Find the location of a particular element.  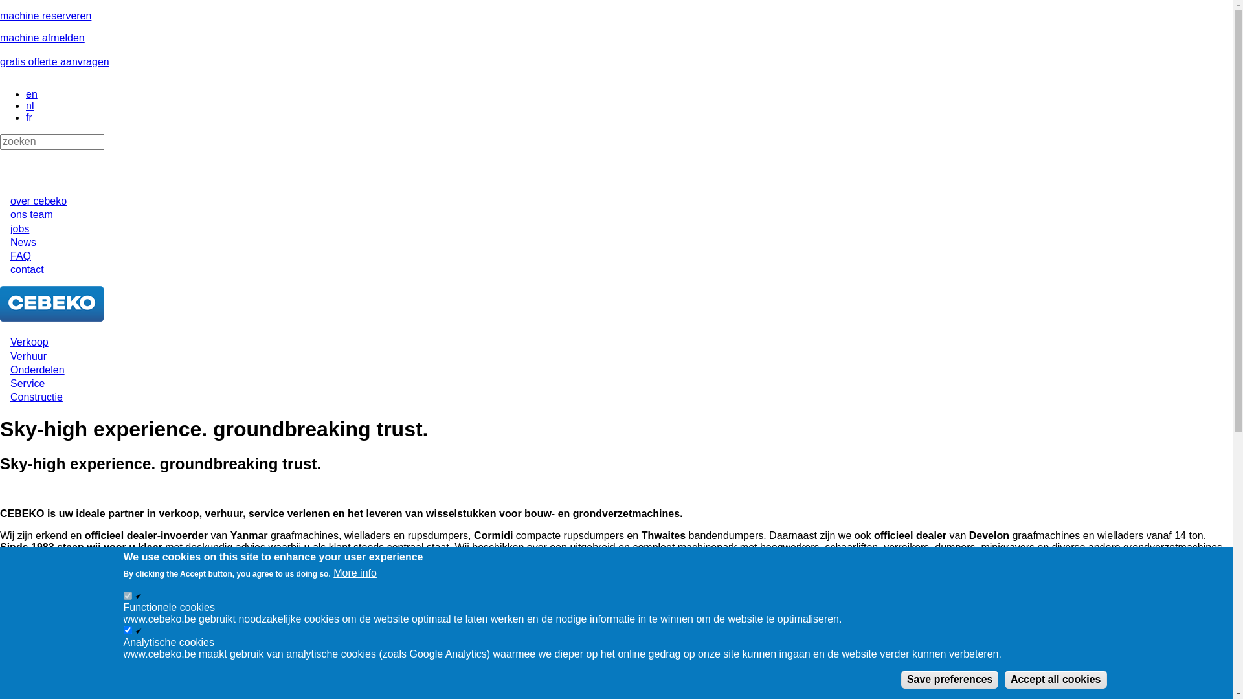

'contact' is located at coordinates (27, 269).